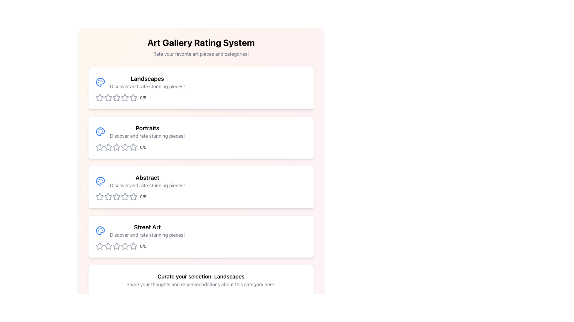  What do you see at coordinates (201, 196) in the screenshot?
I see `current rating displayed on the rating component, which shows '0/5' next to the outlined stars` at bounding box center [201, 196].